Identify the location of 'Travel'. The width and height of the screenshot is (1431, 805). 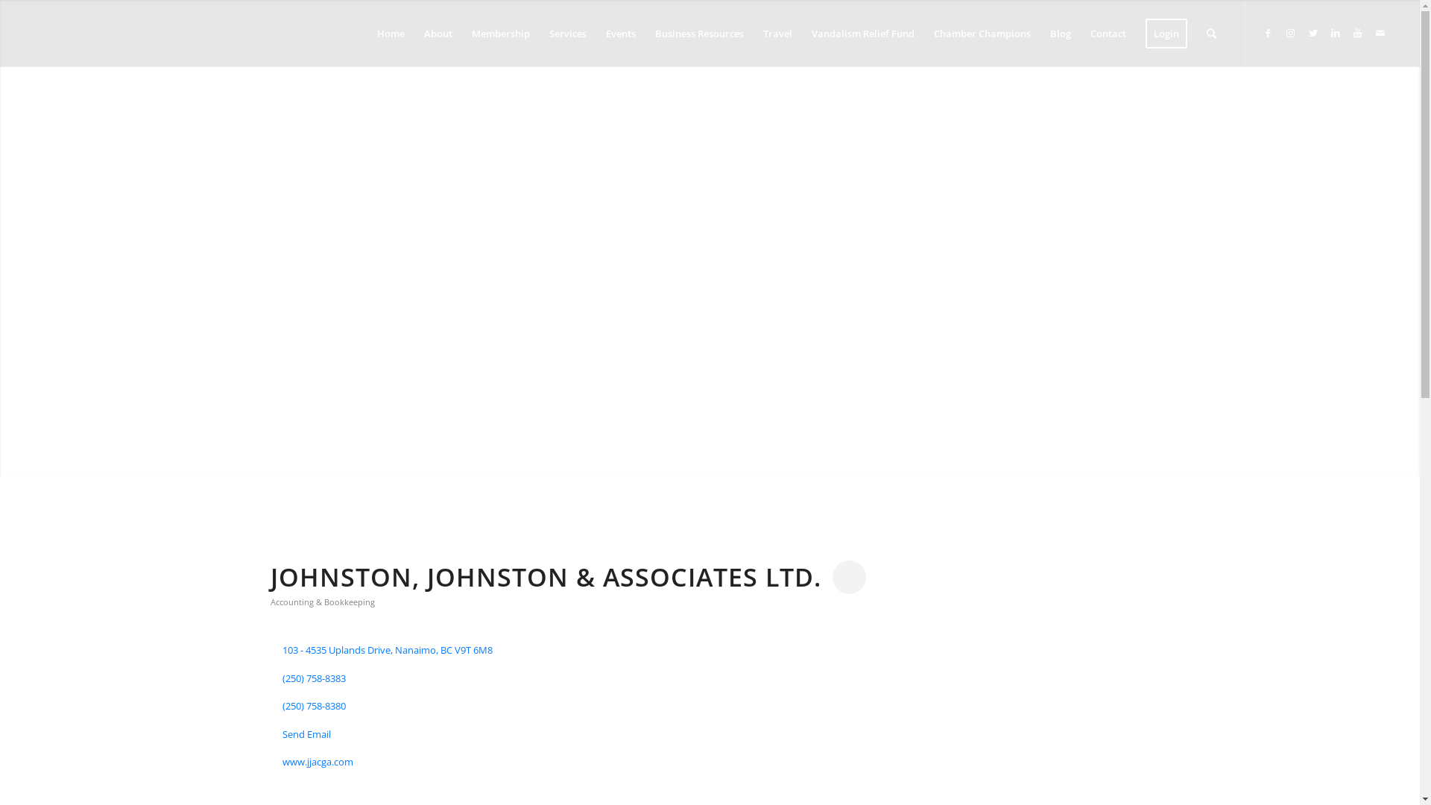
(777, 34).